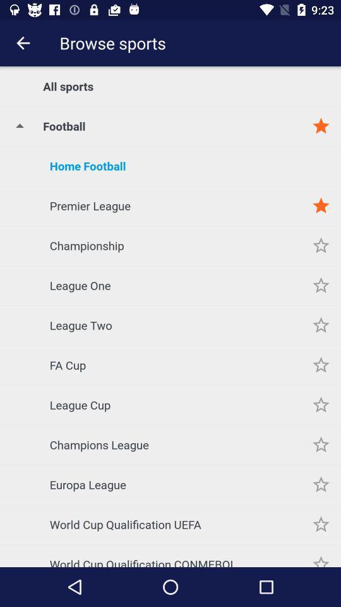 The height and width of the screenshot is (607, 341). Describe the element at coordinates (321, 524) in the screenshot. I see `item` at that location.